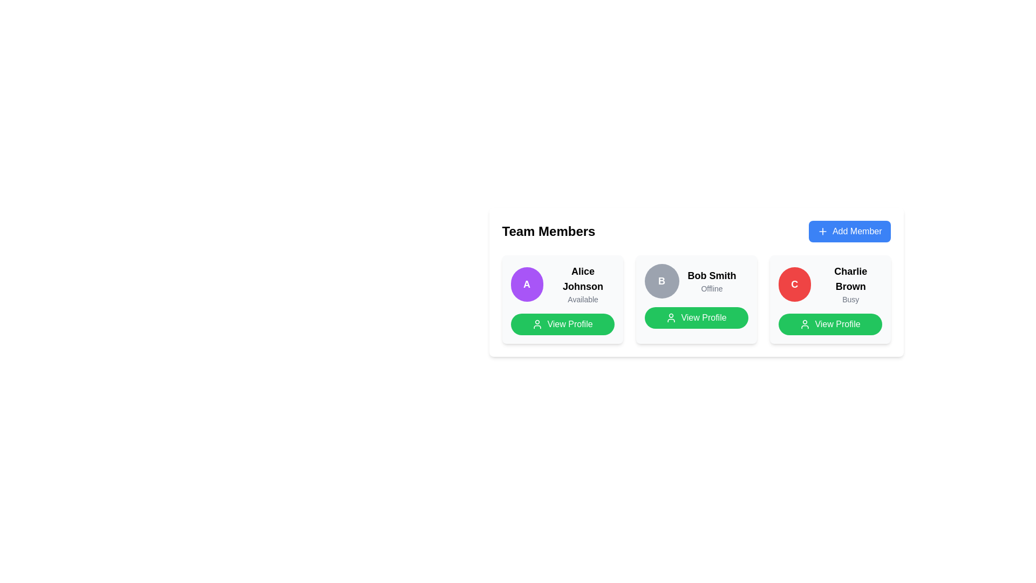 The image size is (1036, 583). Describe the element at coordinates (829, 324) in the screenshot. I see `the button located at the bottom of the card representing 'Charlie Brown'` at that location.